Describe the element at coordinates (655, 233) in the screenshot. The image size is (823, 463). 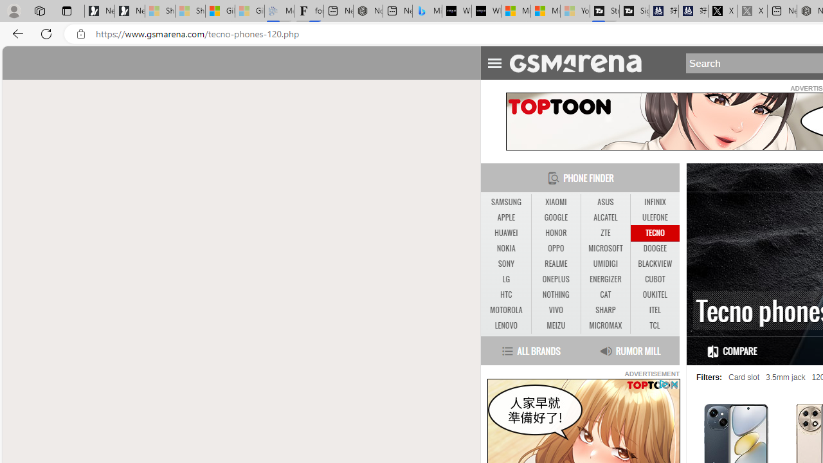
I see `'TECNO'` at that location.